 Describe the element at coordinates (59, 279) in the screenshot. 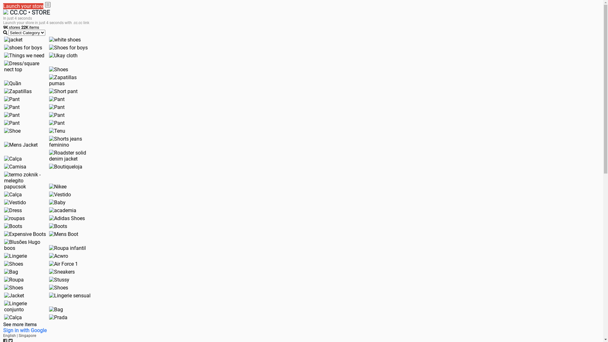

I see `'Stussy'` at that location.